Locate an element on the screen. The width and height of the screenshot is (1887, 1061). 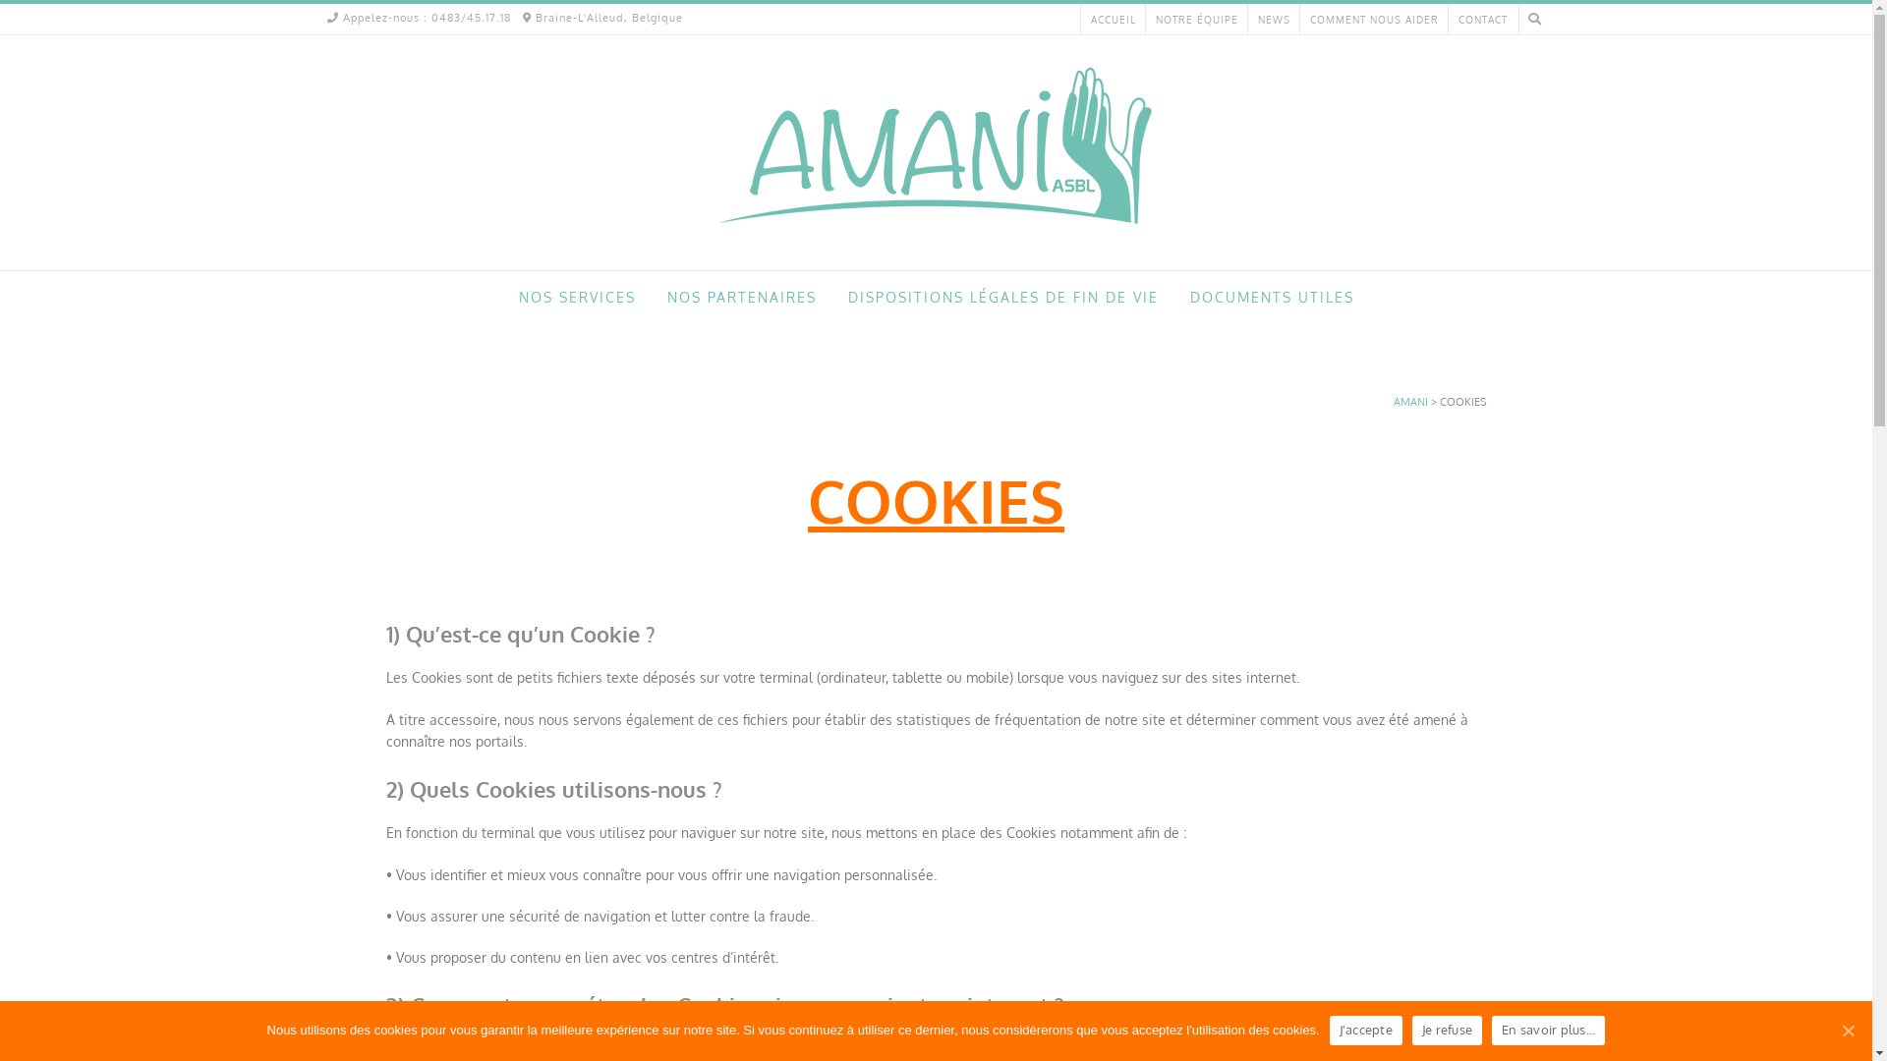
'NOS PARTENAIRES' is located at coordinates (739, 299).